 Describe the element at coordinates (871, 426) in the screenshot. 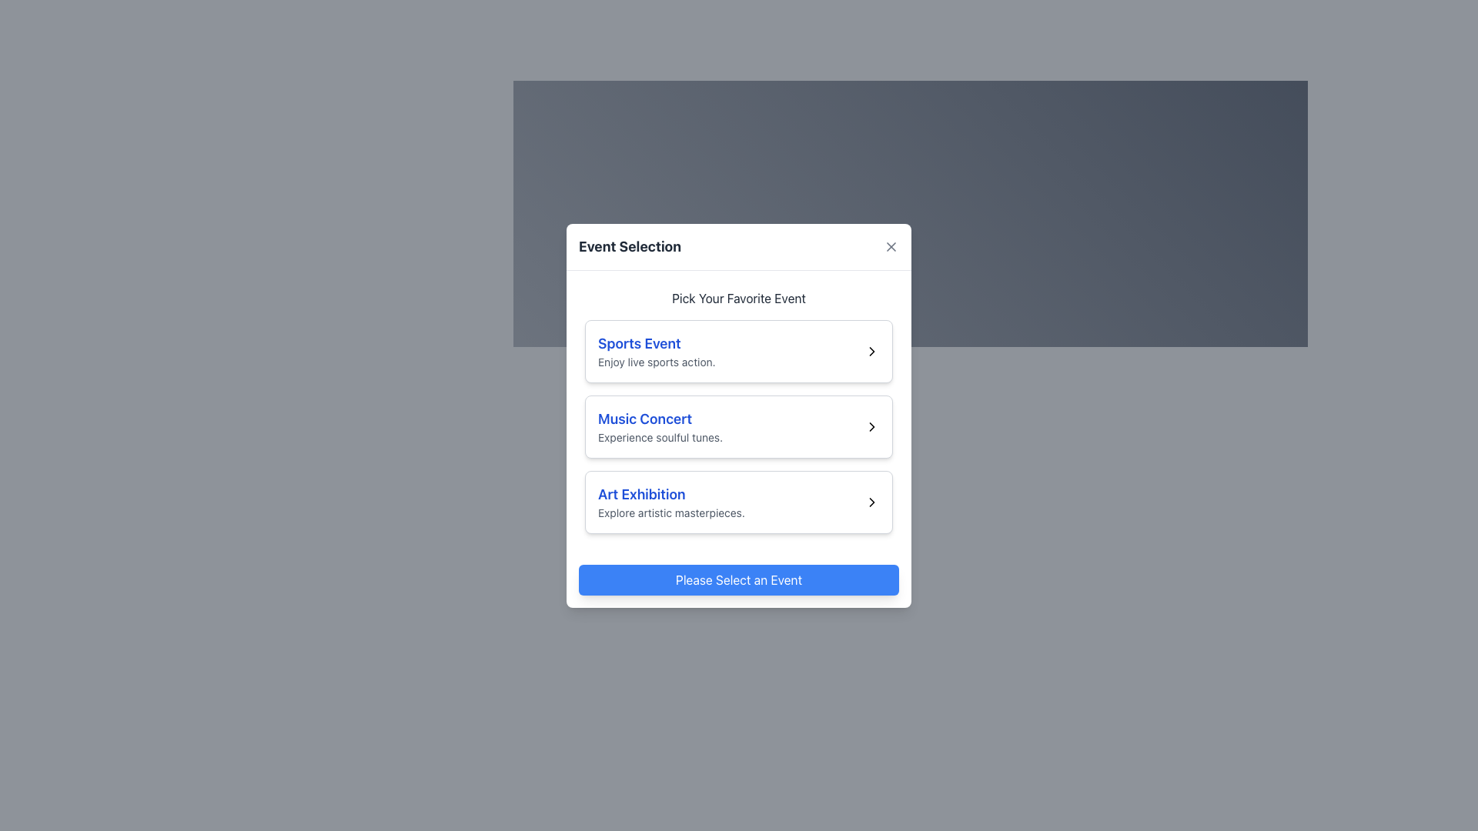

I see `the right-facing chevron icon located in the second list item titled 'Music Concert' within the 'Event Selection' dialog` at that location.